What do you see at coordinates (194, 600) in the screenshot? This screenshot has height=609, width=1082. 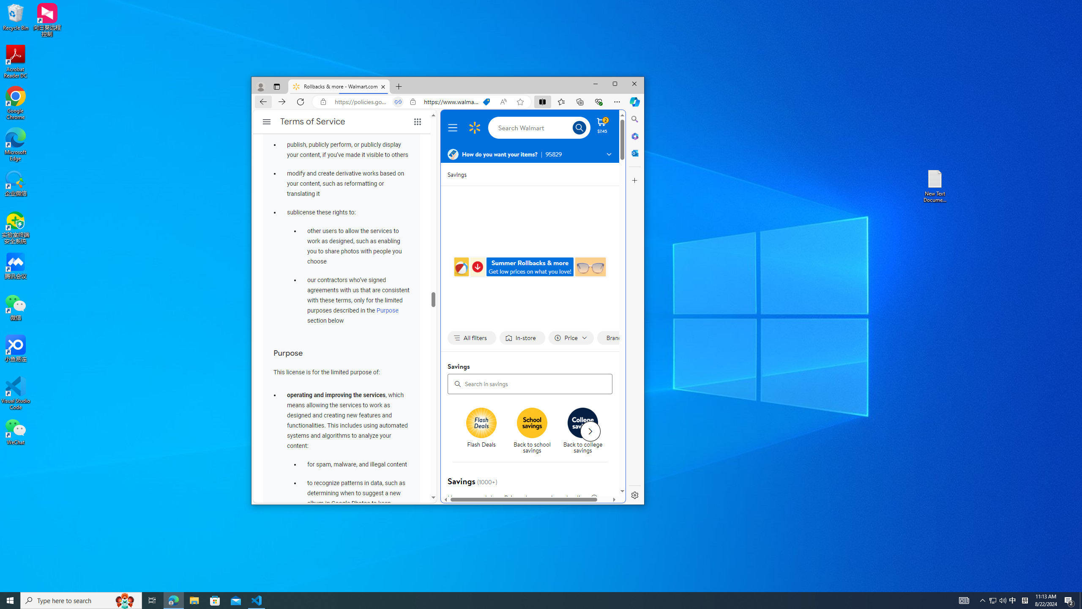 I see `'File Explorer'` at bounding box center [194, 600].